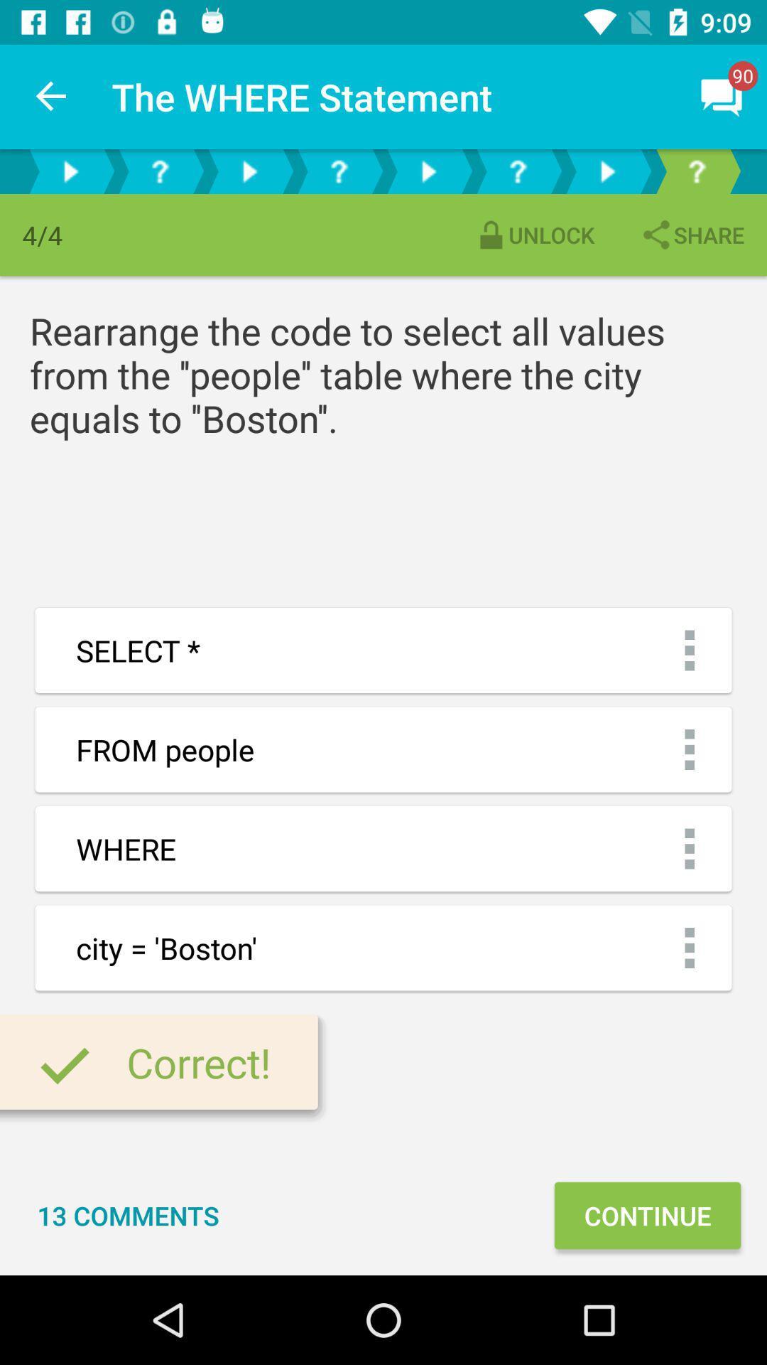 This screenshot has height=1365, width=767. Describe the element at coordinates (339, 171) in the screenshot. I see `question` at that location.